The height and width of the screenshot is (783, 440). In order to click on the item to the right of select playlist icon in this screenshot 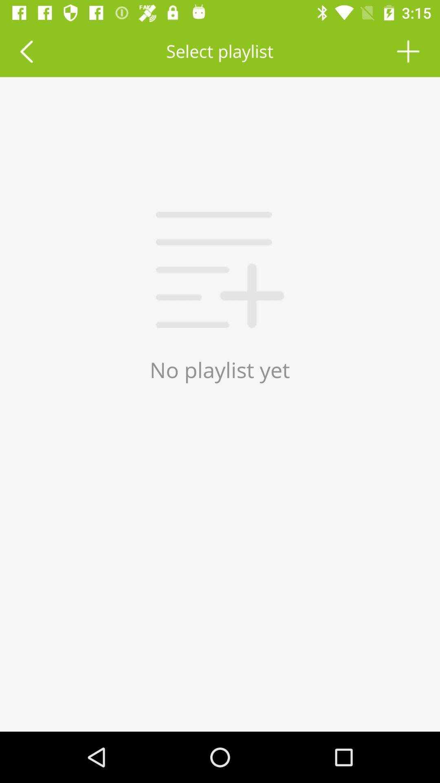, I will do `click(408, 51)`.